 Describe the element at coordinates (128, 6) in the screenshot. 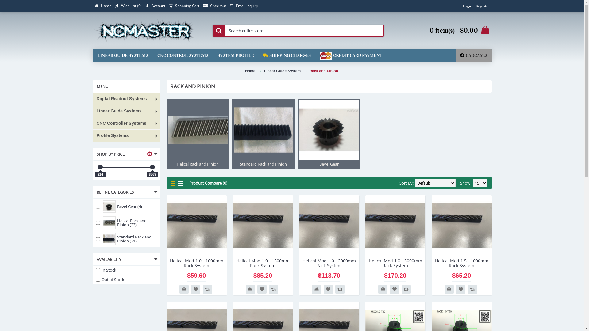

I see `'Wish List (0)'` at that location.